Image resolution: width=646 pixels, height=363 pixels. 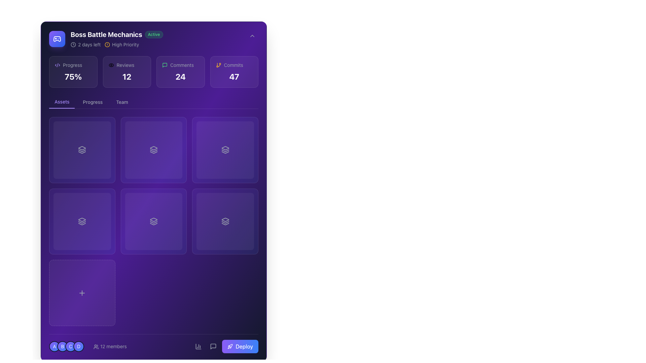 What do you see at coordinates (82, 150) in the screenshot?
I see `the icon styled with a gradient background, displaying a layered stack symbol in white, located in the top-left slot of a 2x3 grid layout` at bounding box center [82, 150].